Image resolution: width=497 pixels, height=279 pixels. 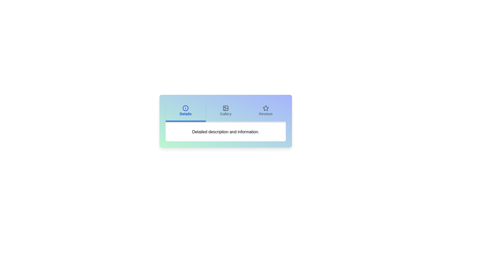 I want to click on the Gallery tab to view its content, so click(x=226, y=111).